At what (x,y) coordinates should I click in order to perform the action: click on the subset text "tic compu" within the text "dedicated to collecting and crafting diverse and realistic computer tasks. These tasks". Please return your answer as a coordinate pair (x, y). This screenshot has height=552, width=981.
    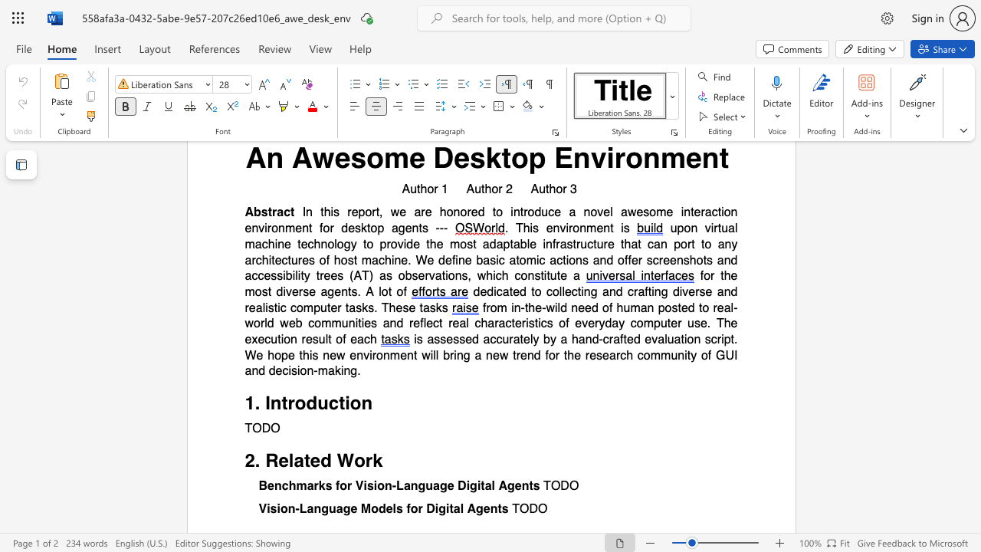
    Looking at the image, I should click on (274, 307).